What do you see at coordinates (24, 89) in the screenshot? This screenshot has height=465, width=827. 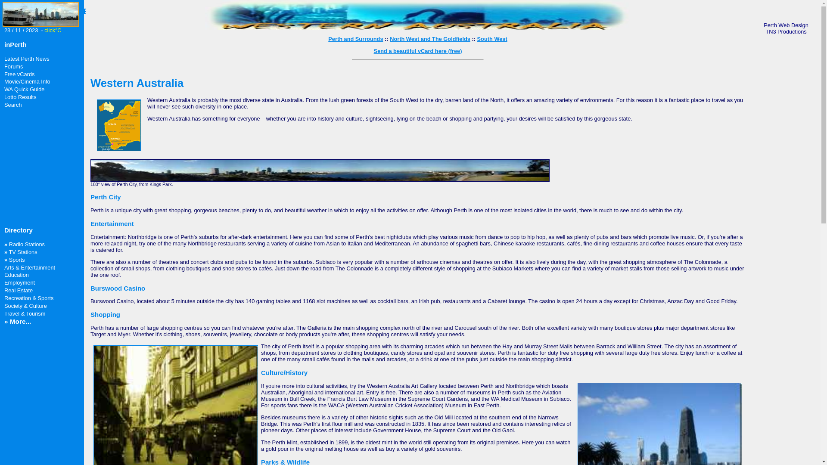 I see `'WA Quick Guide'` at bounding box center [24, 89].